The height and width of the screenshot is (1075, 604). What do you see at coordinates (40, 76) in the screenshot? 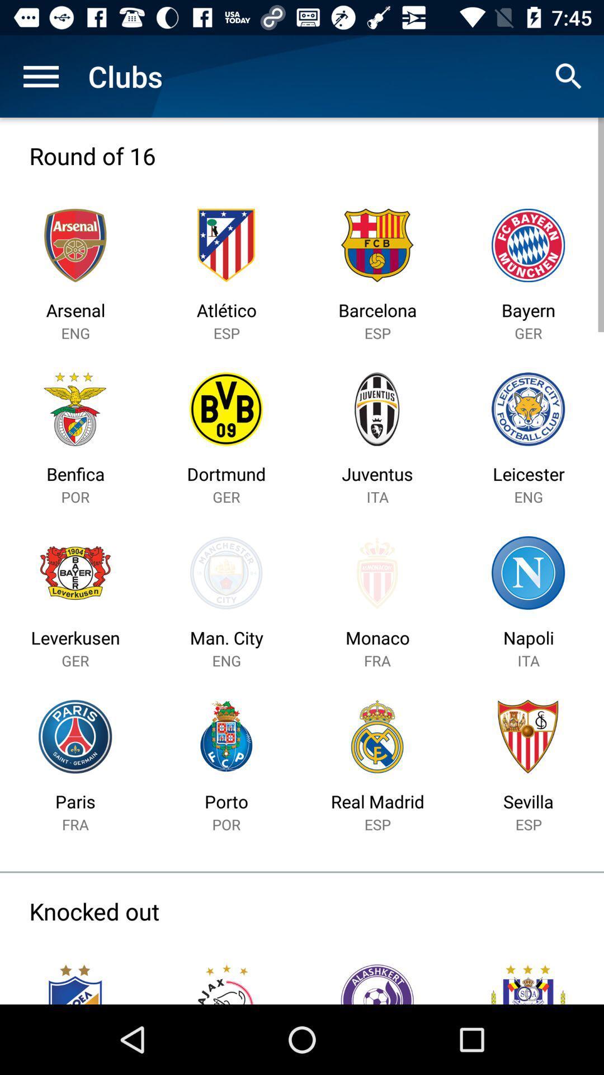
I see `menu button bar option` at bounding box center [40, 76].